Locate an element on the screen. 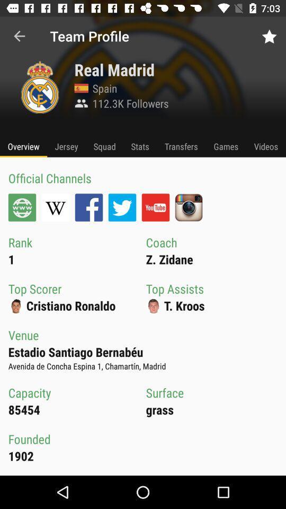  icon next to the jersey icon is located at coordinates (104, 146).